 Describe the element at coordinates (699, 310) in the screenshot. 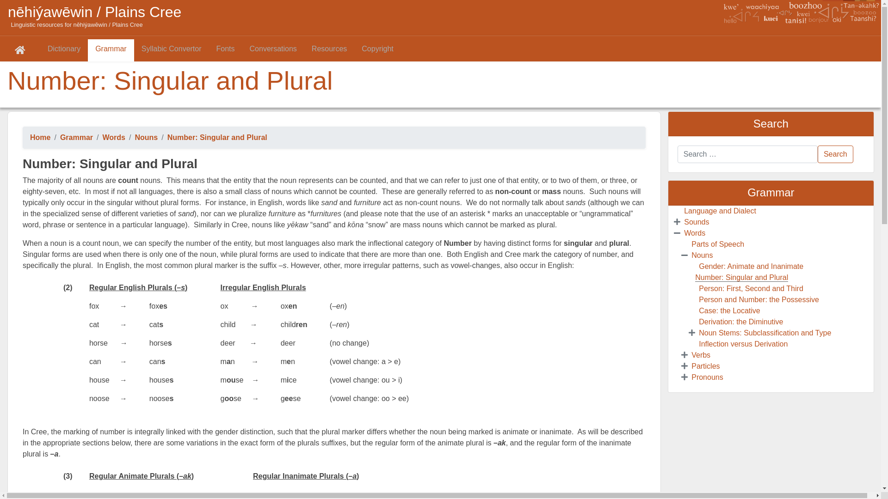

I see `'Case: the Locative'` at that location.